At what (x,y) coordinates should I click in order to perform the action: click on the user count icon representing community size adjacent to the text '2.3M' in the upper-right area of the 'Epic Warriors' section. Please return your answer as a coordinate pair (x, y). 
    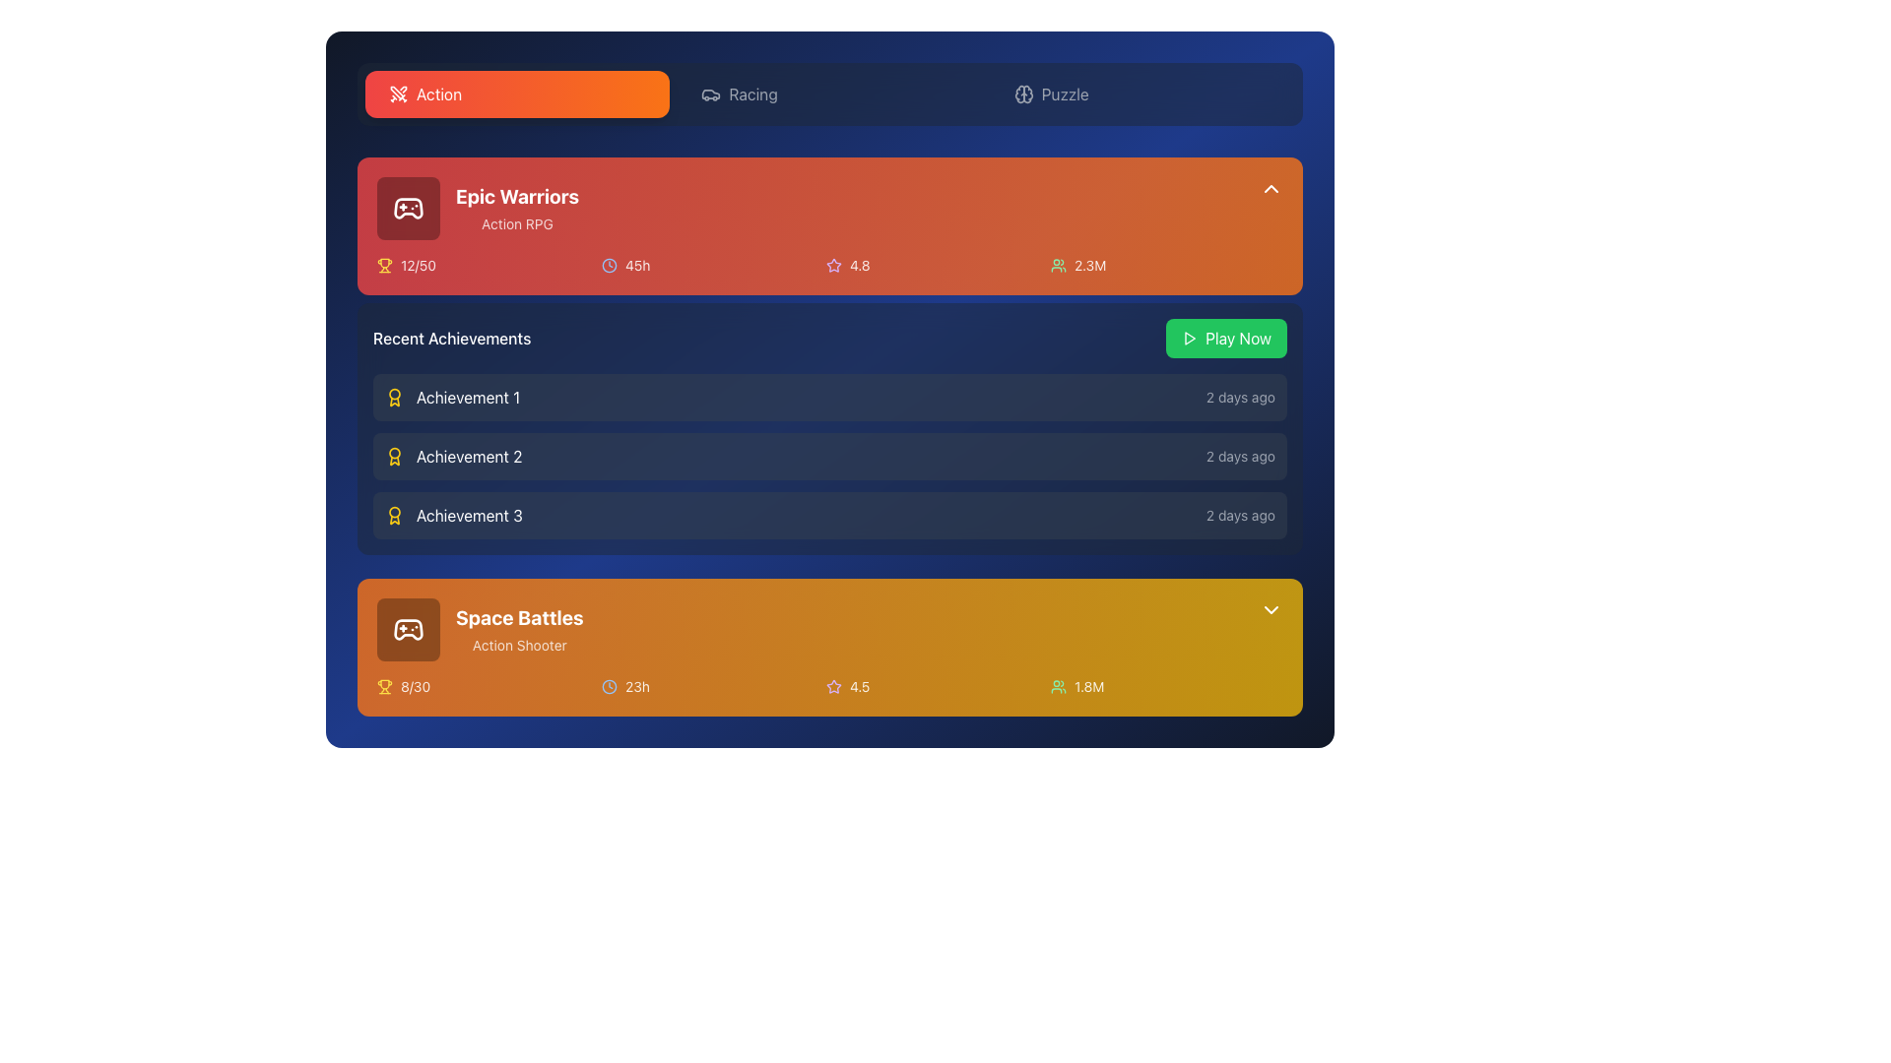
    Looking at the image, I should click on (1058, 266).